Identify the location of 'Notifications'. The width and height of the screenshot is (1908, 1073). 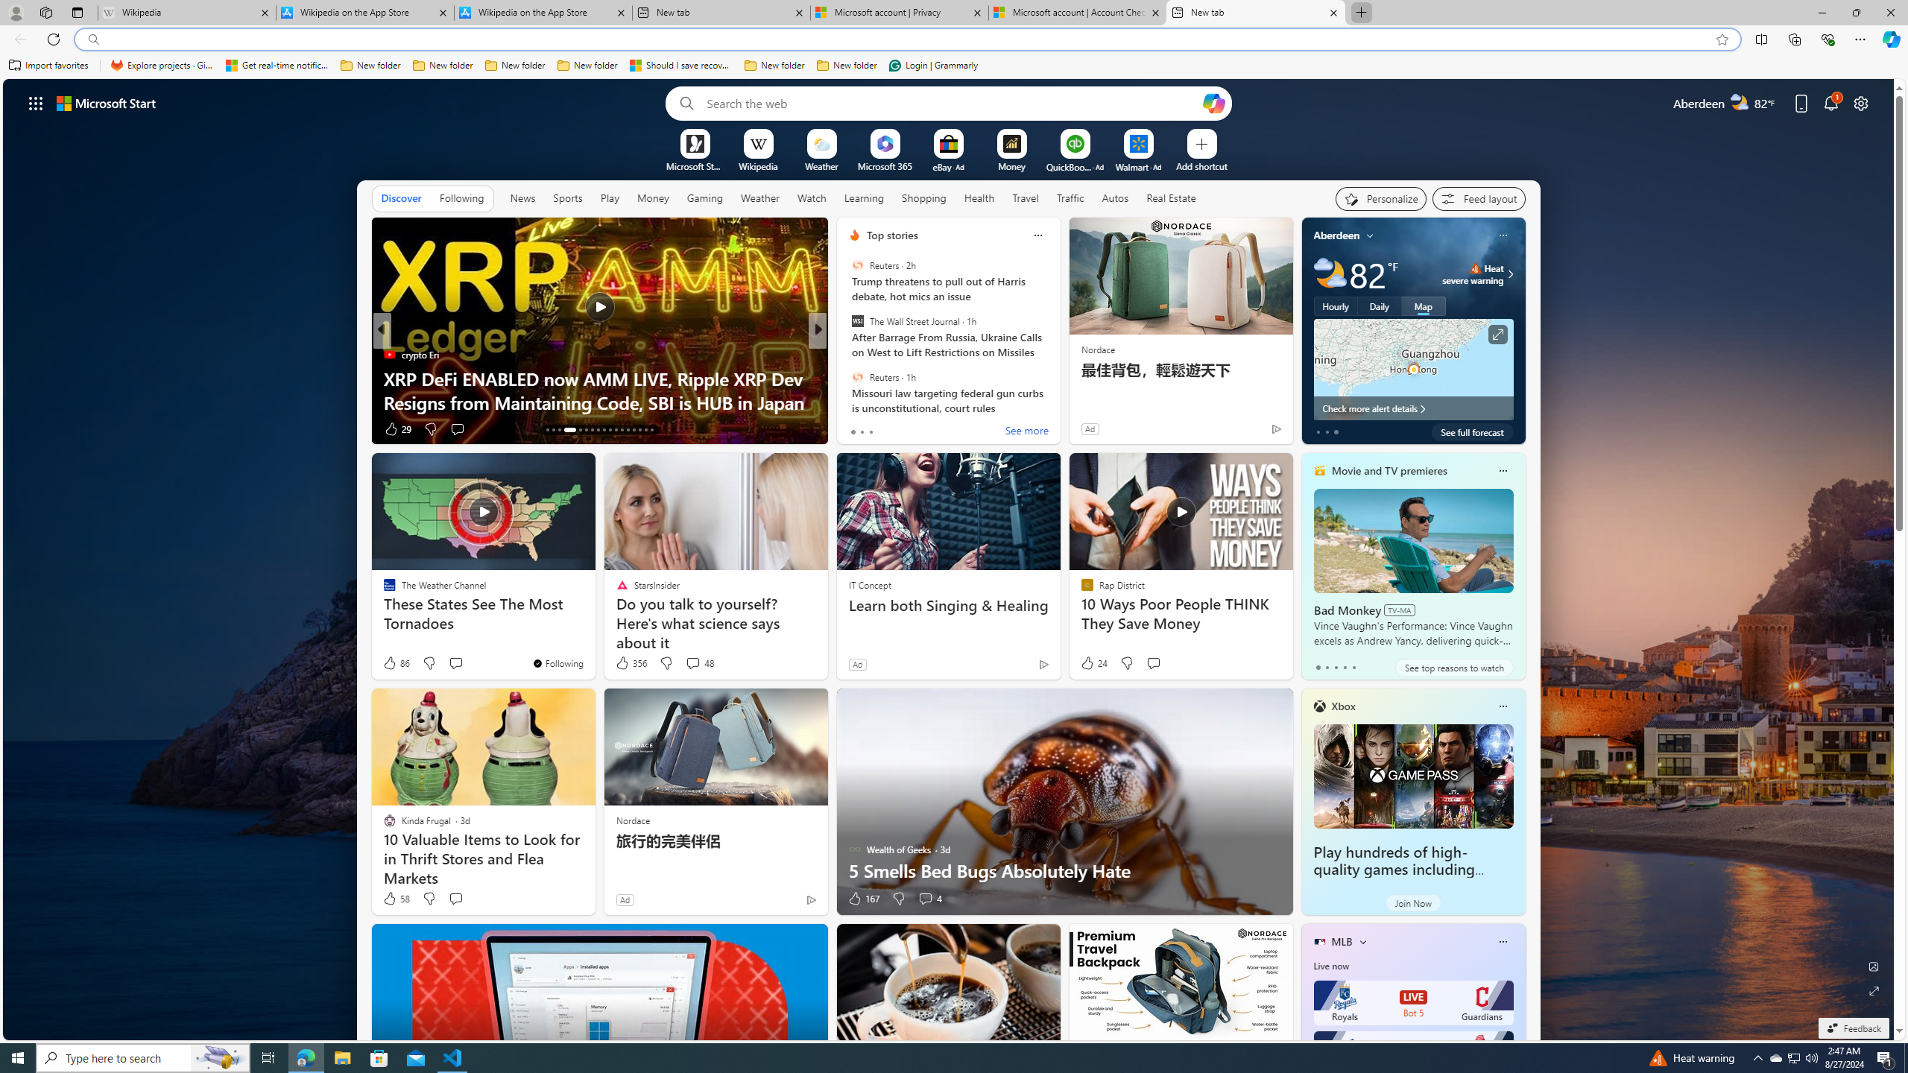
(1831, 102).